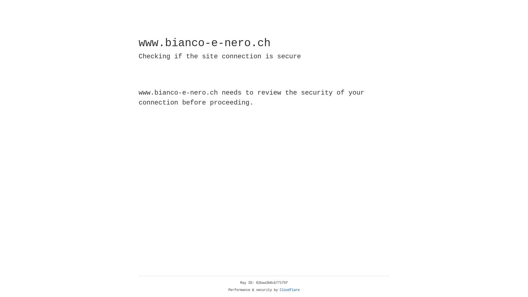  I want to click on 'Cloudflare', so click(290, 290).